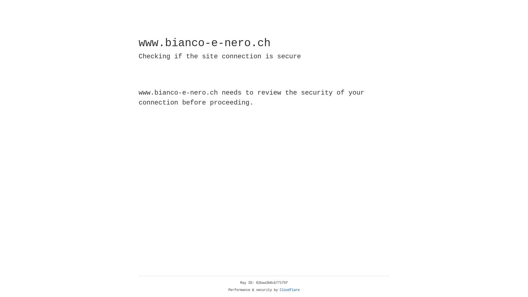  I want to click on 'Cloudflare', so click(290, 290).